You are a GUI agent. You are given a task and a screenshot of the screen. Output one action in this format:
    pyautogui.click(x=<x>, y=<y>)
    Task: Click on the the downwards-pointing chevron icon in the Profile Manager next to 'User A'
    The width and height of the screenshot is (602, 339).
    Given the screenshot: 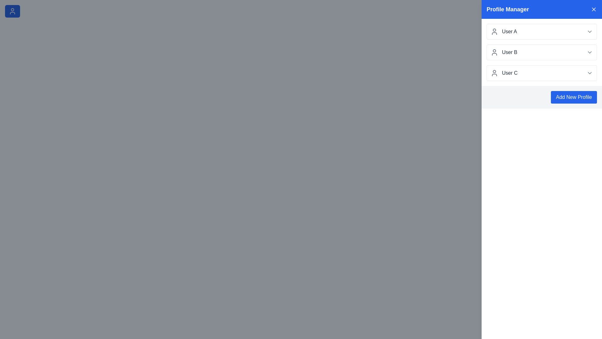 What is the action you would take?
    pyautogui.click(x=589, y=31)
    